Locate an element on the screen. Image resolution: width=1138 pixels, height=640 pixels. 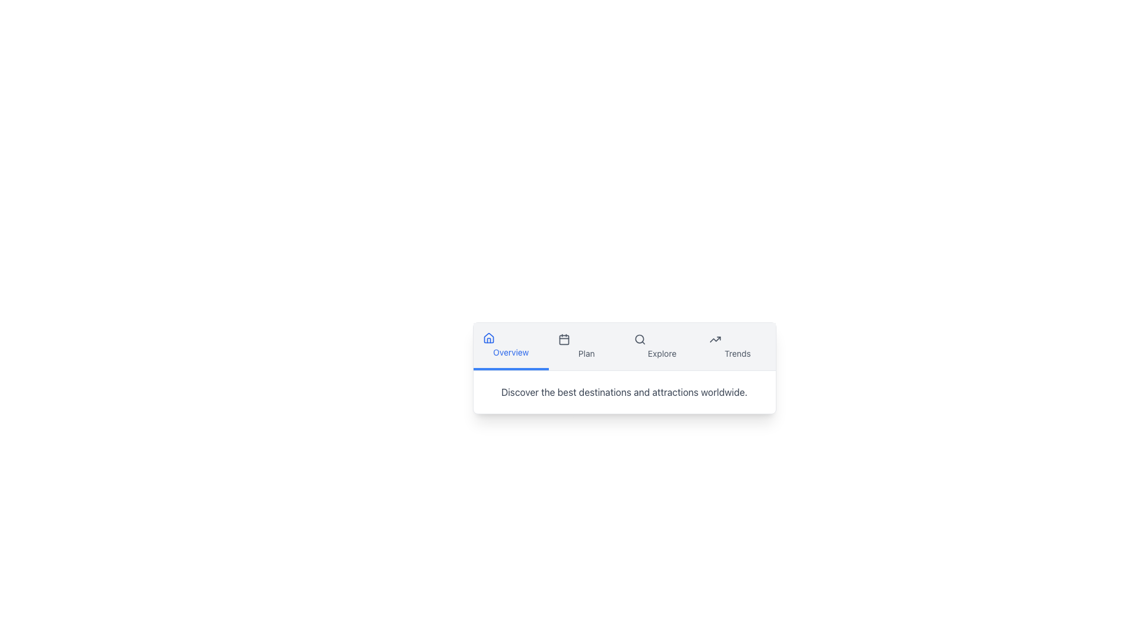
the 'Plan' button in the navigation menu is located at coordinates (586, 347).